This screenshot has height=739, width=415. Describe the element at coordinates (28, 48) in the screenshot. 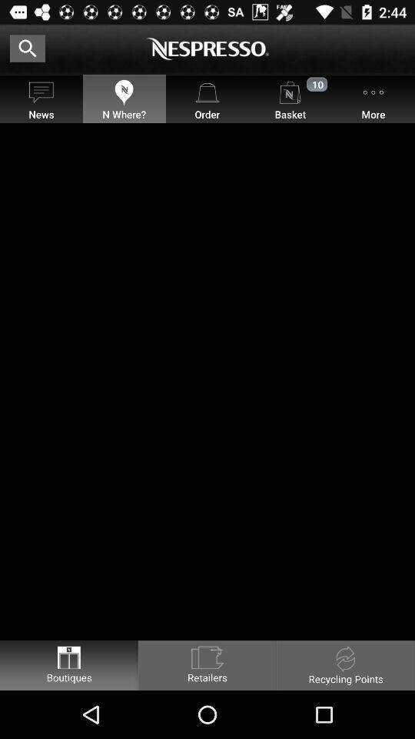

I see `the search icon` at that location.